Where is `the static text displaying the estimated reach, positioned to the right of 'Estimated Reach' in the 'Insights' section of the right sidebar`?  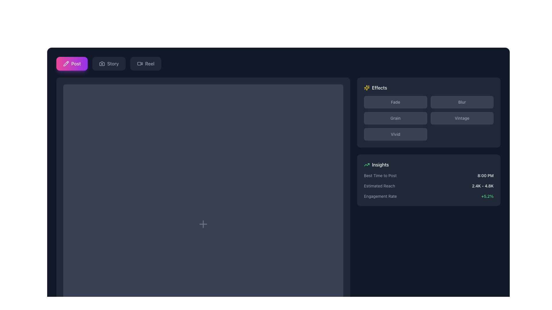
the static text displaying the estimated reach, positioned to the right of 'Estimated Reach' in the 'Insights' section of the right sidebar is located at coordinates (483, 186).